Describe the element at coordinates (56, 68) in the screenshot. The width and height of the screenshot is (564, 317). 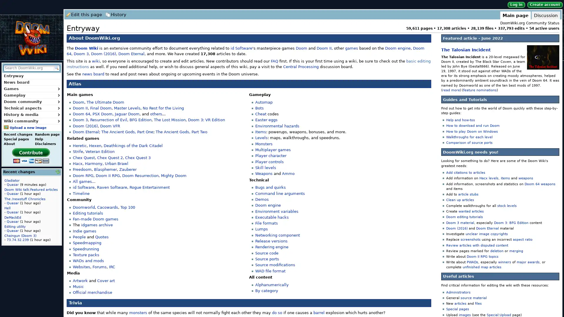
I see `Search` at that location.